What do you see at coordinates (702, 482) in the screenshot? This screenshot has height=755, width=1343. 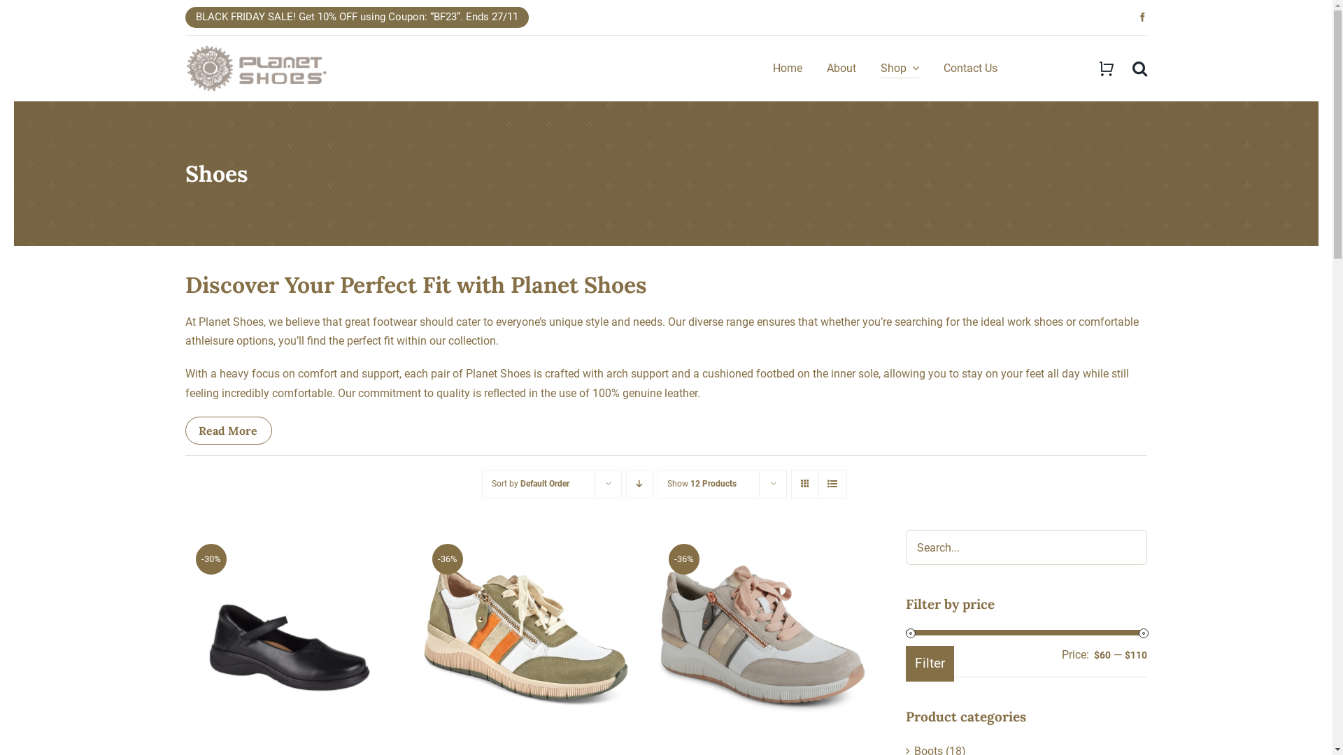 I see `'Show 12 Products'` at bounding box center [702, 482].